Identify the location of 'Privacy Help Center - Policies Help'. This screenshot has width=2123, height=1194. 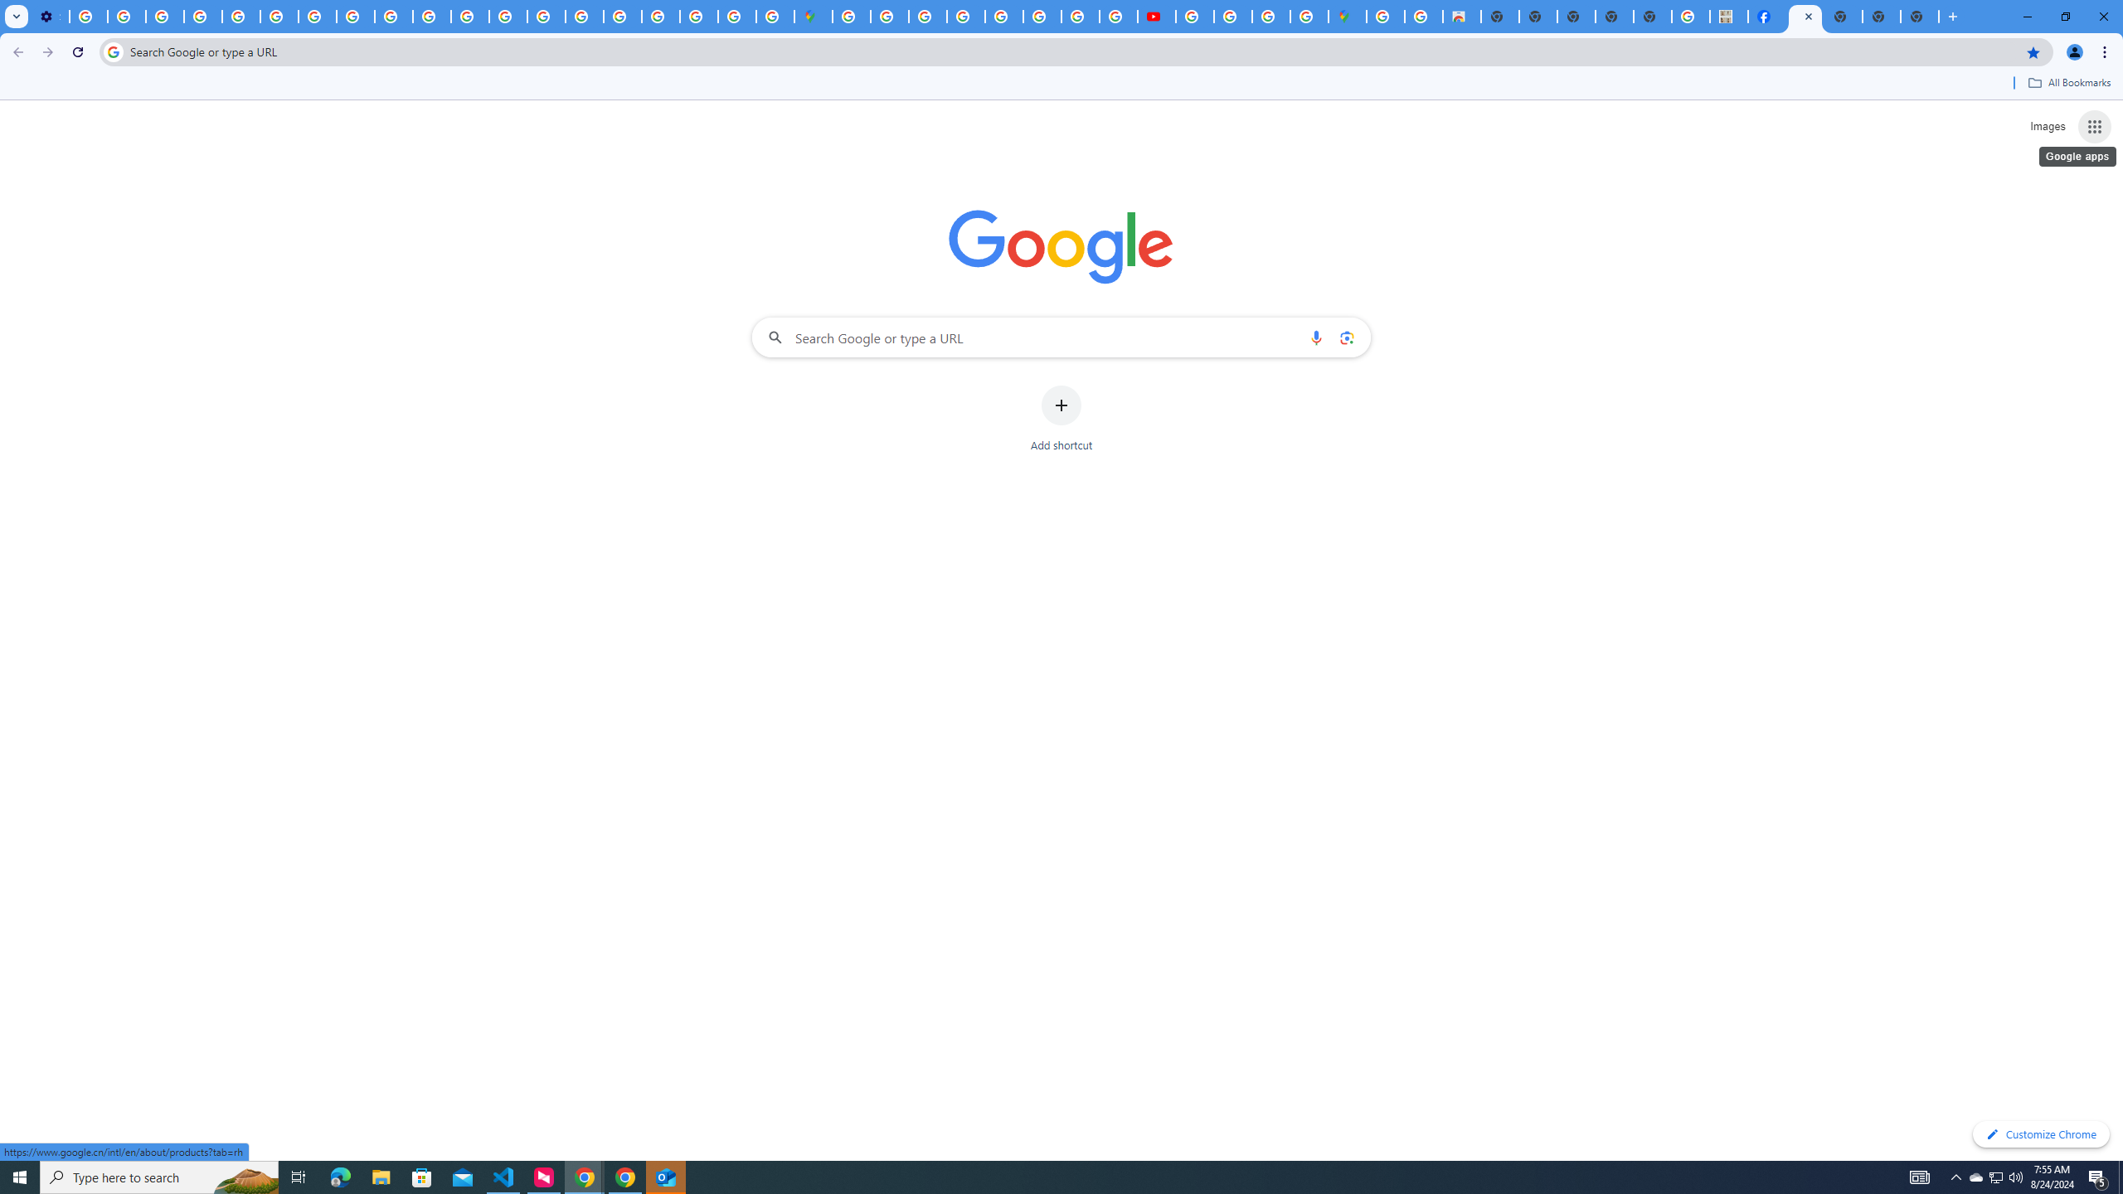
(240, 16).